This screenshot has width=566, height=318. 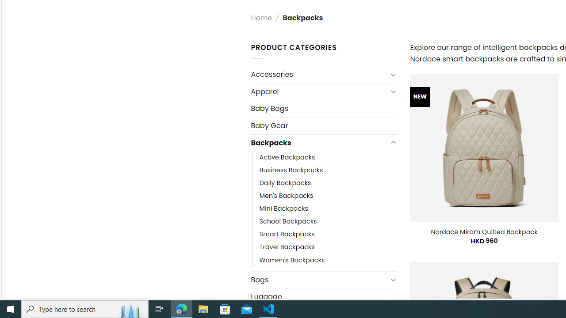 What do you see at coordinates (323, 125) in the screenshot?
I see `'Baby Gear'` at bounding box center [323, 125].